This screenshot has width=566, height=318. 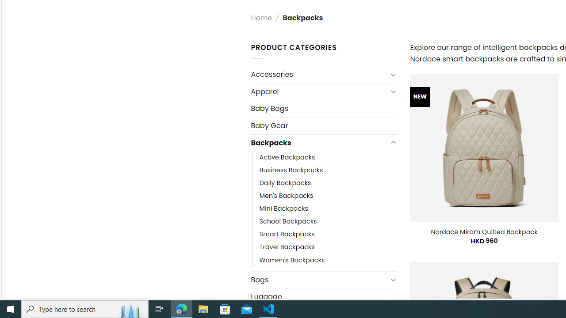 What do you see at coordinates (323, 125) in the screenshot?
I see `'Baby Gear'` at bounding box center [323, 125].